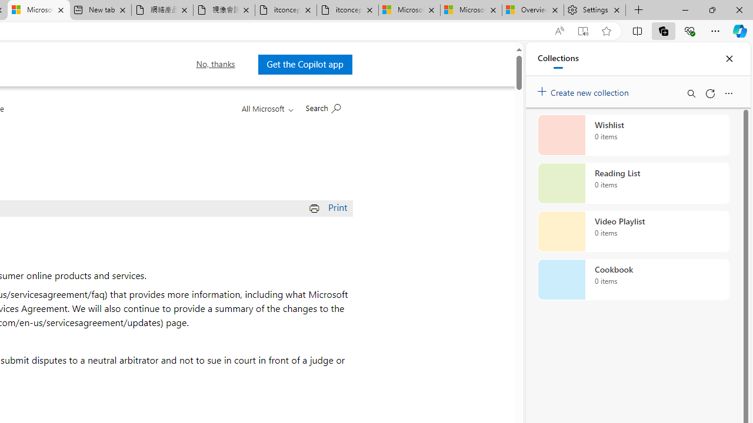  What do you see at coordinates (323, 107) in the screenshot?
I see `'Search Microsoft.com'` at bounding box center [323, 107].